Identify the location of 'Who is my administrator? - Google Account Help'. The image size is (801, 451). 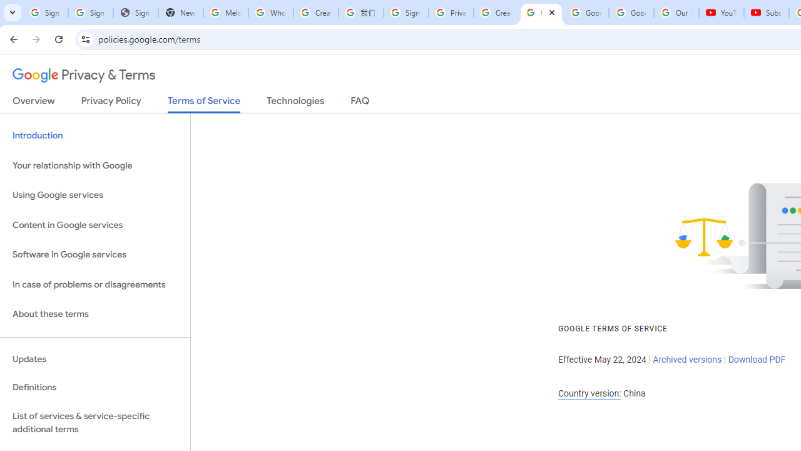
(270, 13).